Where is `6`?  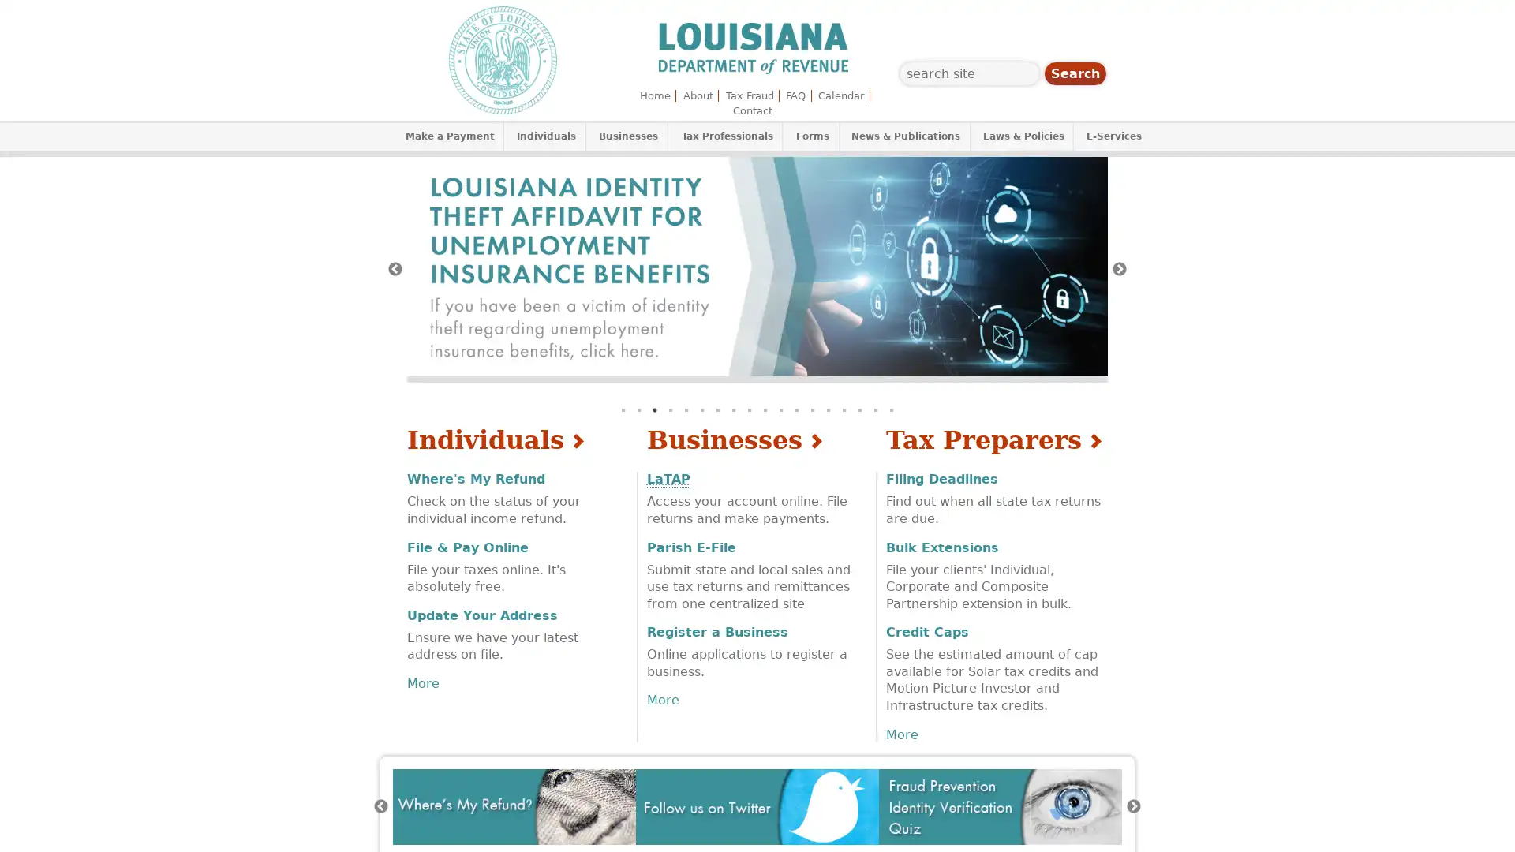
6 is located at coordinates (701, 409).